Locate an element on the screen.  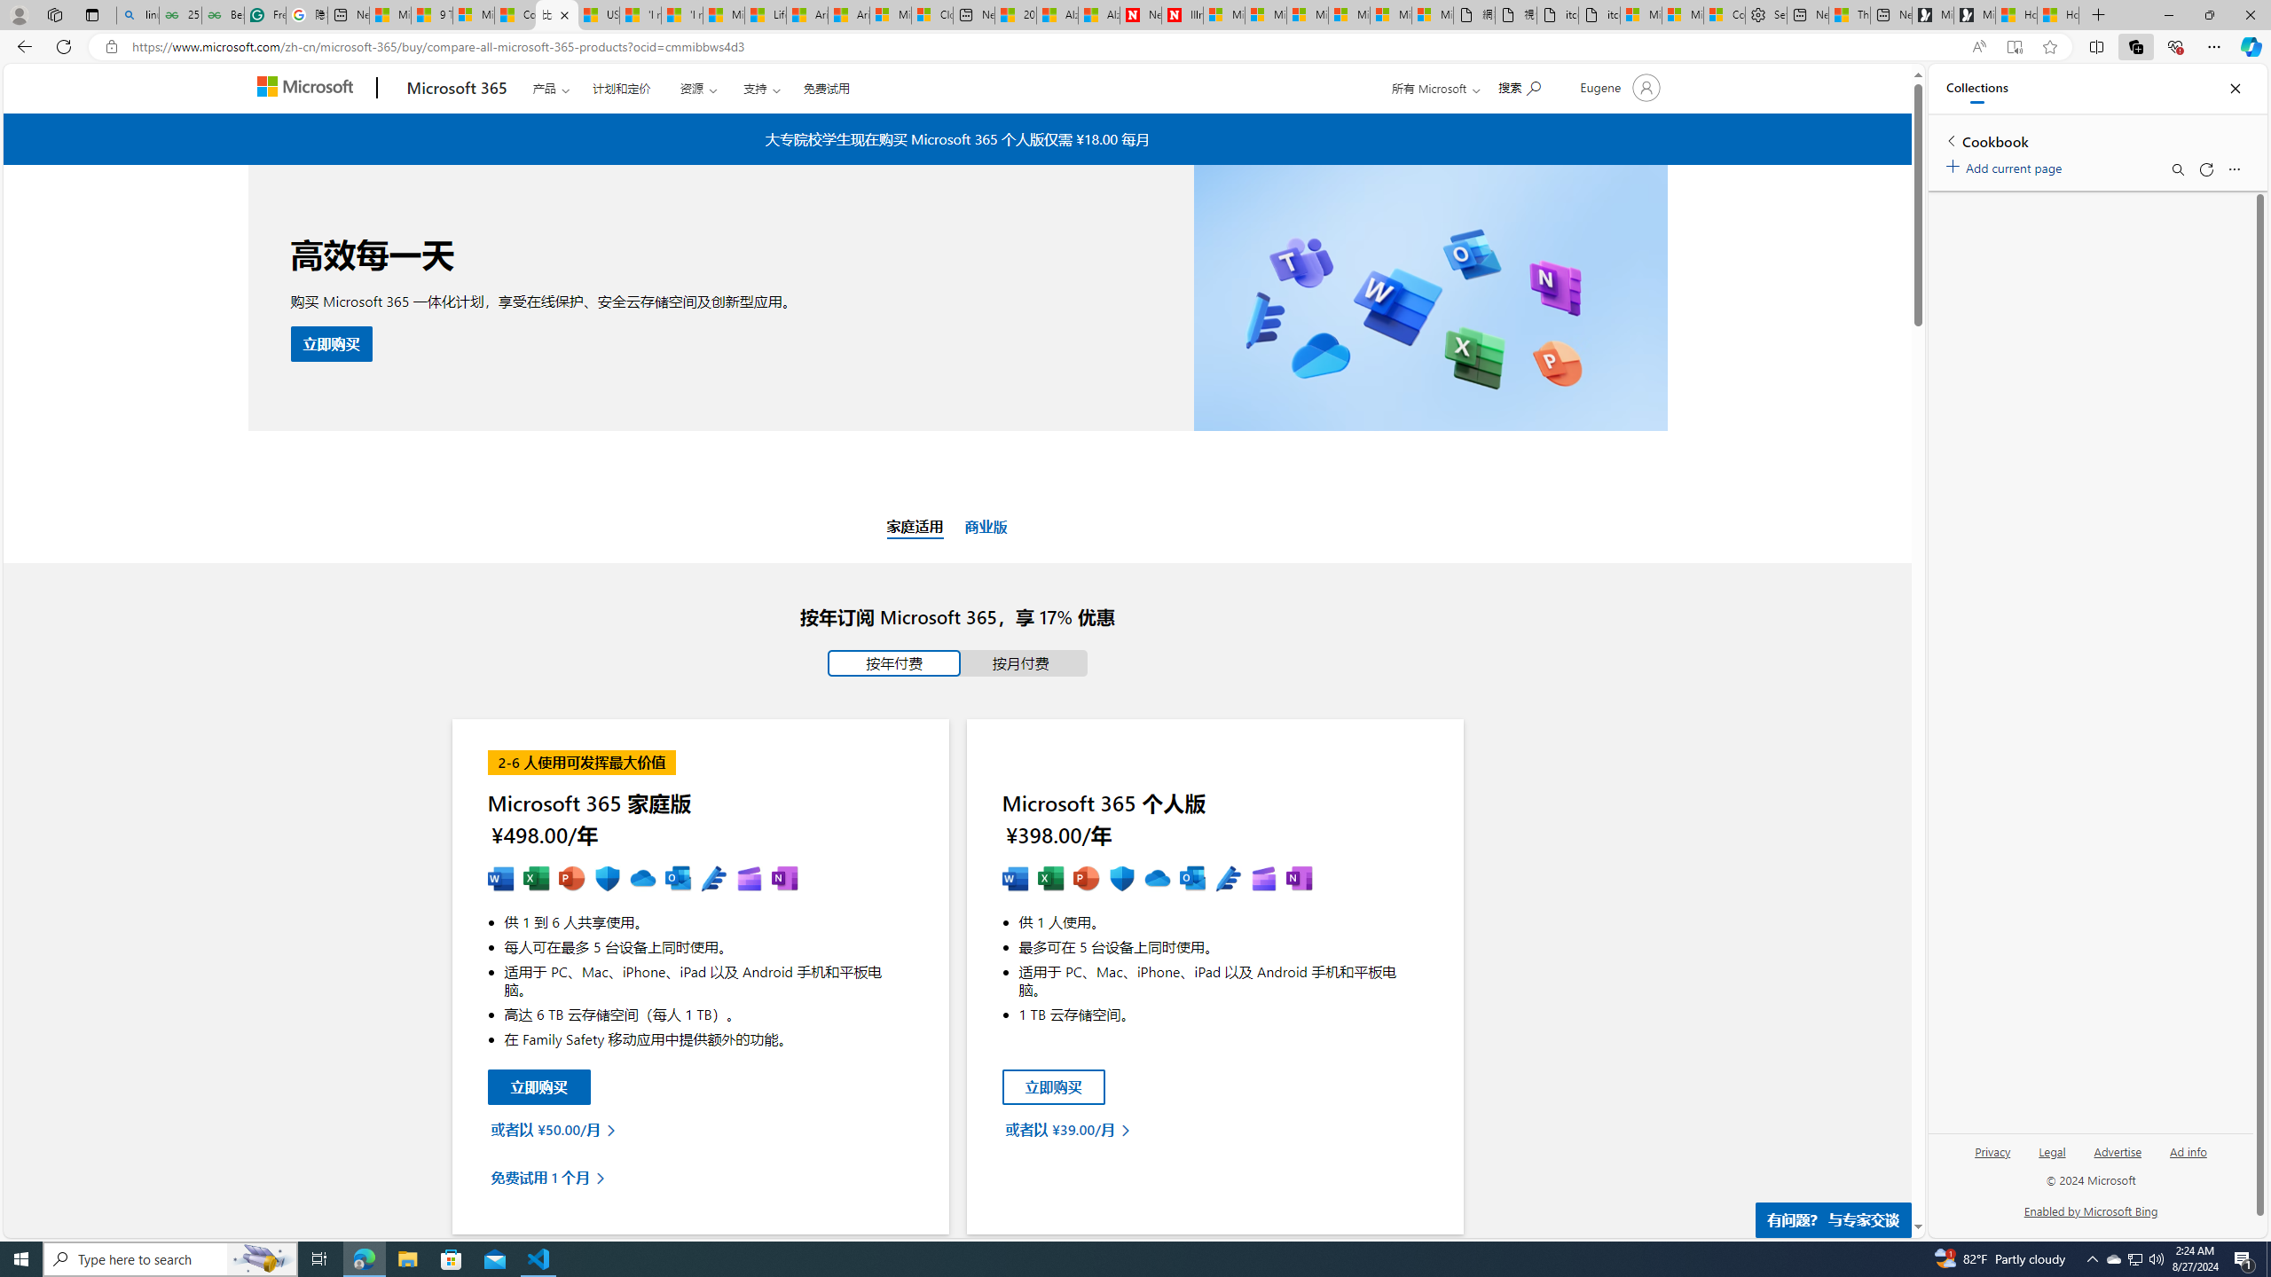
'How to Use a TV as a Computer Monitor' is located at coordinates (2057, 14).